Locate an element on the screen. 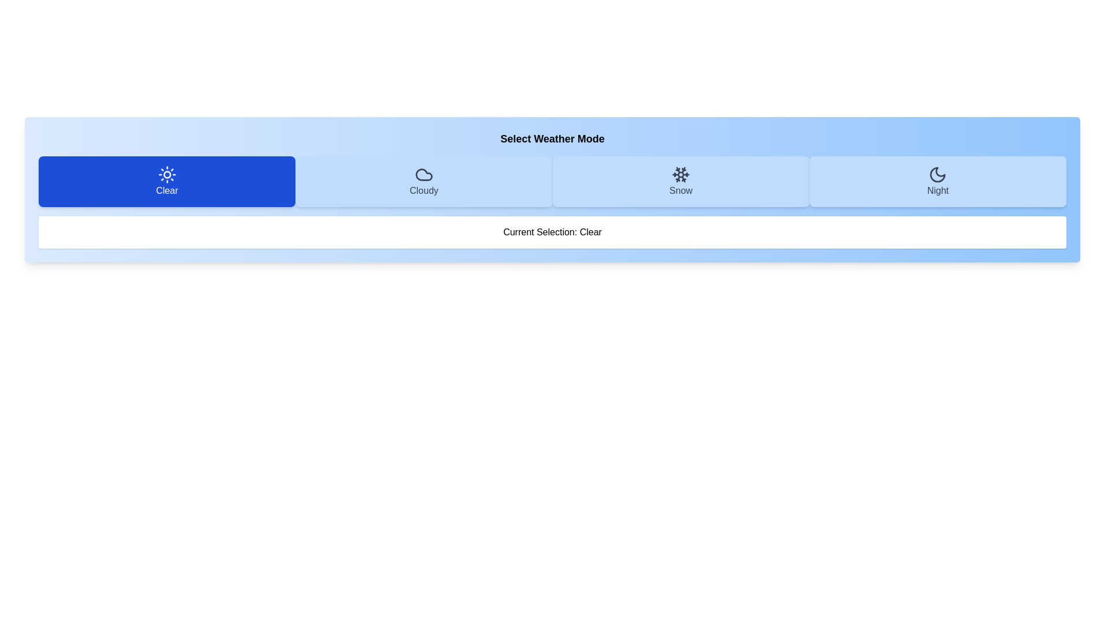 The image size is (1108, 623). the button corresponding to the weather mode Night is located at coordinates (938, 182).